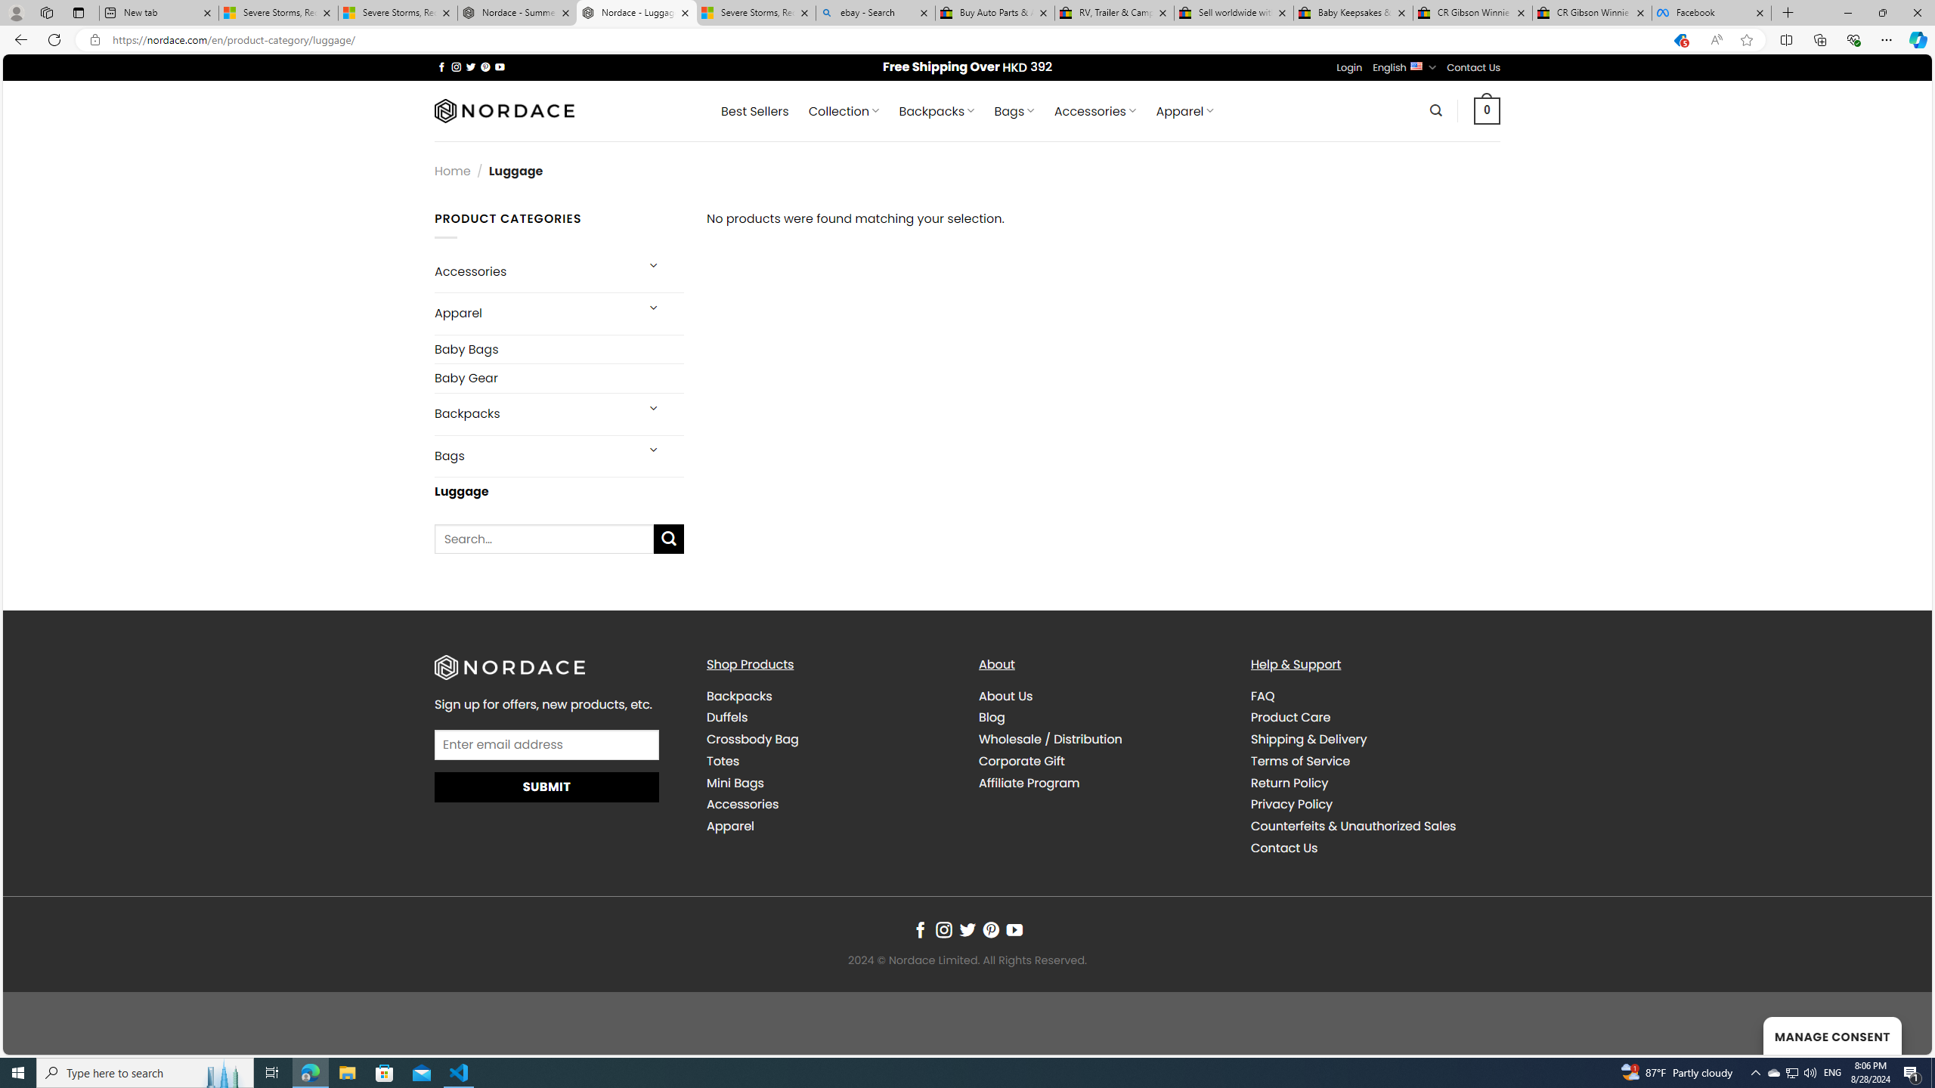 The height and width of the screenshot is (1088, 1935). What do you see at coordinates (1308, 739) in the screenshot?
I see `'Shipping & Delivery'` at bounding box center [1308, 739].